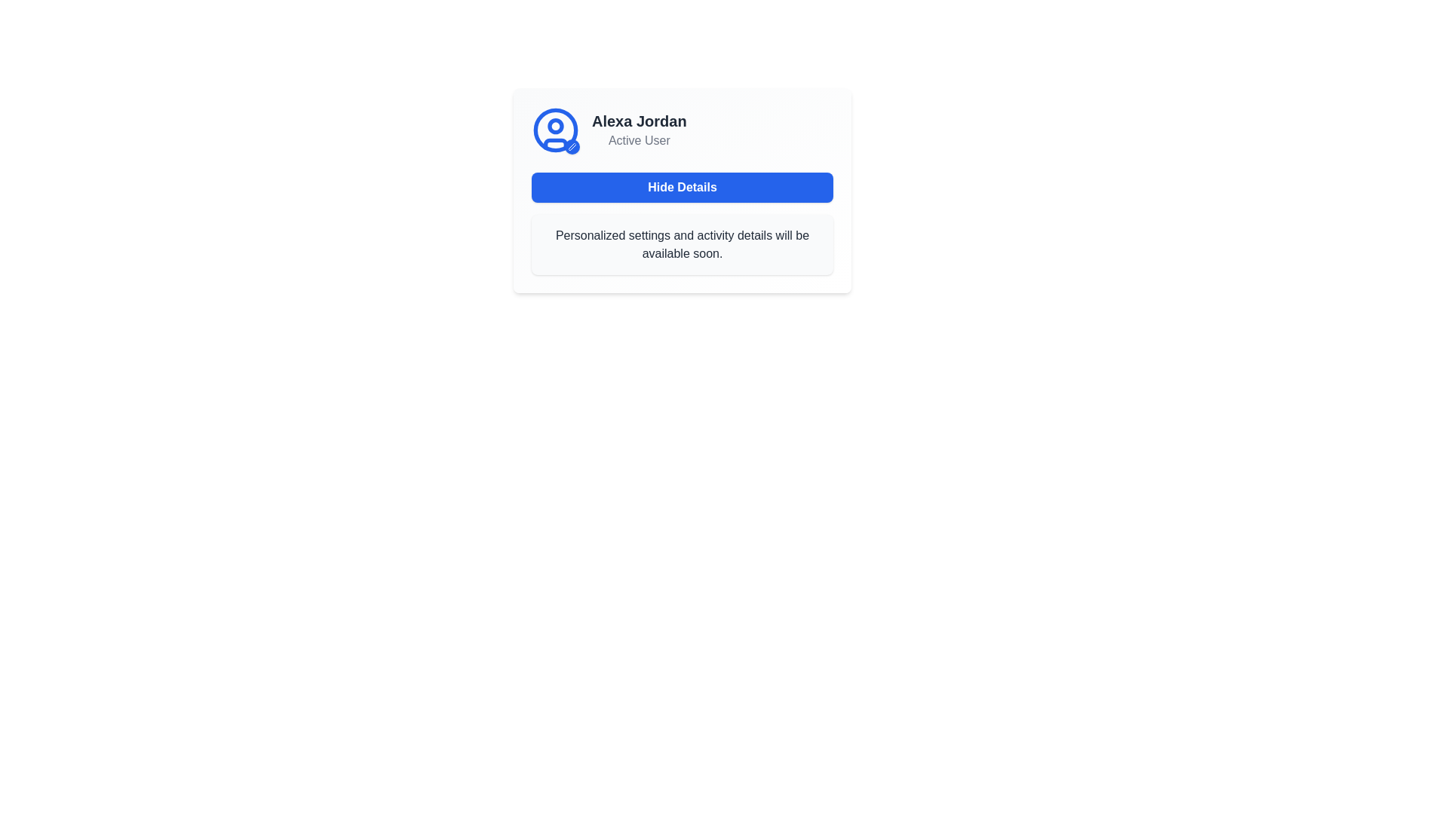  Describe the element at coordinates (555, 130) in the screenshot. I see `outer circular border of the user profile icon, which is the outermost circle in the SVG graphic, for development purposes` at that location.